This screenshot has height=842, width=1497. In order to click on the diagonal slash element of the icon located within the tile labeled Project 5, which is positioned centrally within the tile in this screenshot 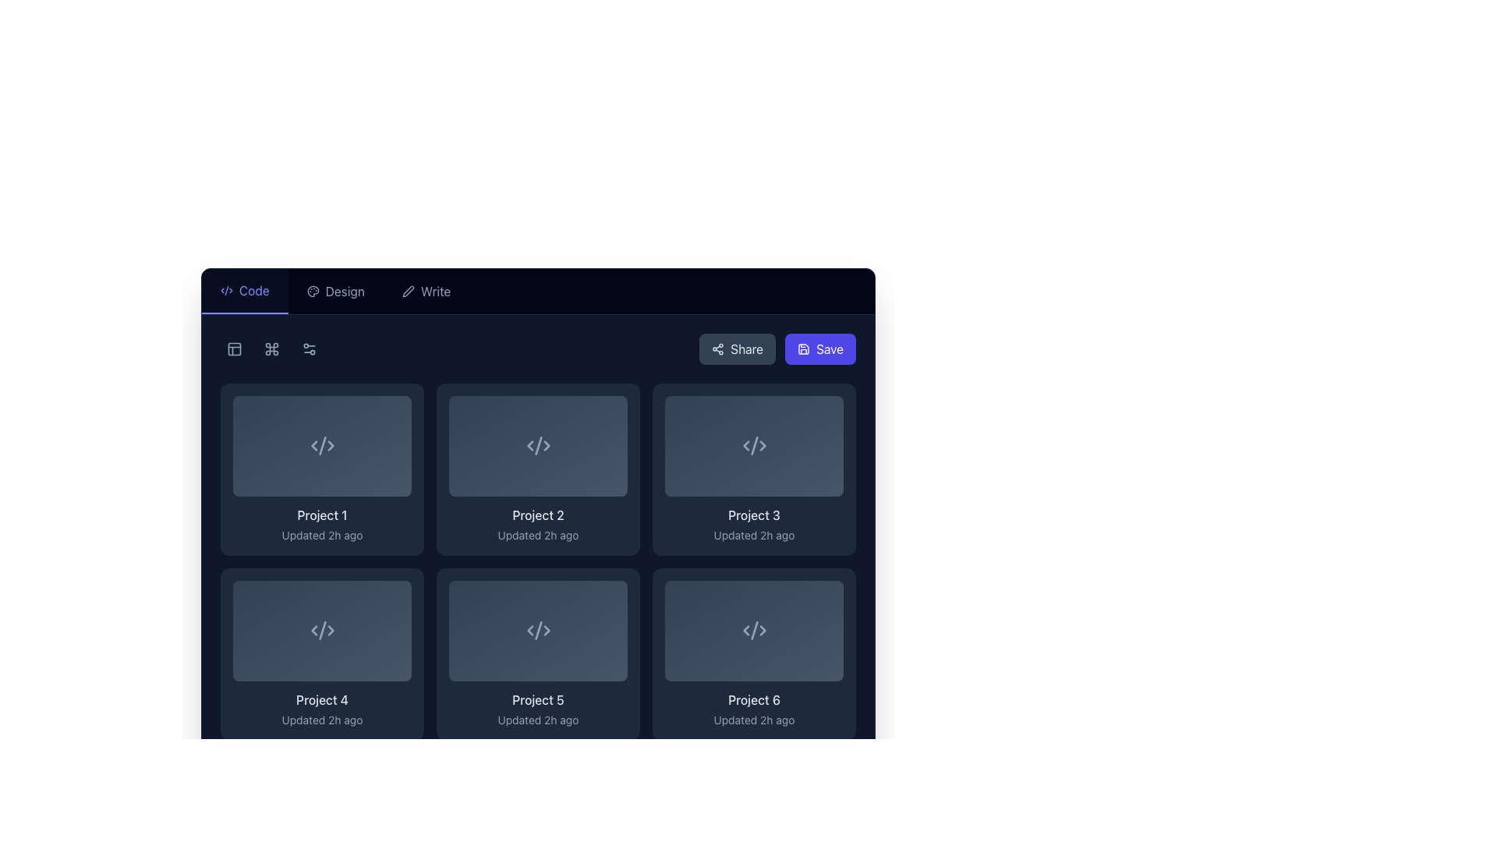, I will do `click(538, 630)`.